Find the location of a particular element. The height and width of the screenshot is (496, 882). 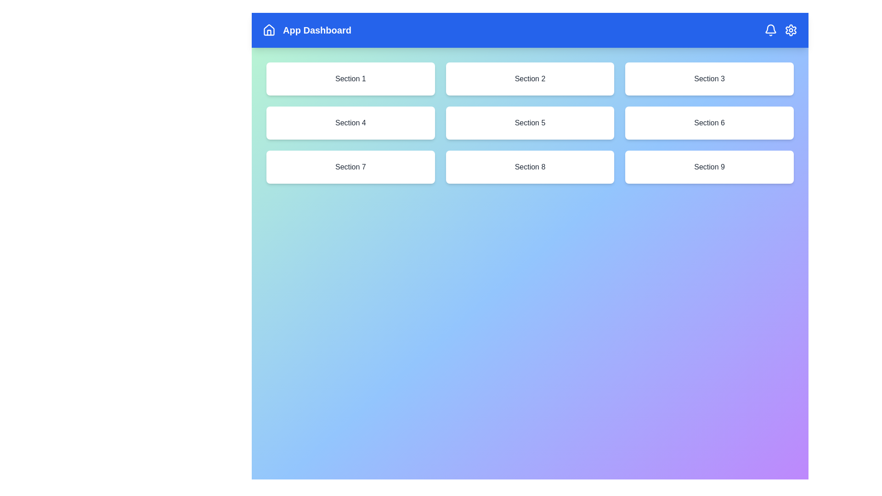

the 'Settings' icon in the top right corner of the component is located at coordinates (791, 29).